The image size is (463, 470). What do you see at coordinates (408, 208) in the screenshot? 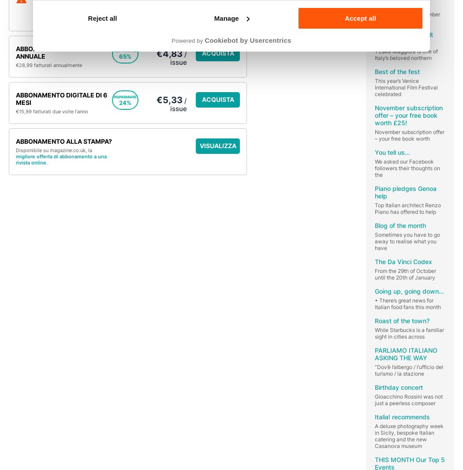
I see `'Top Italian architect Renzo Piano has offered to help'` at bounding box center [408, 208].